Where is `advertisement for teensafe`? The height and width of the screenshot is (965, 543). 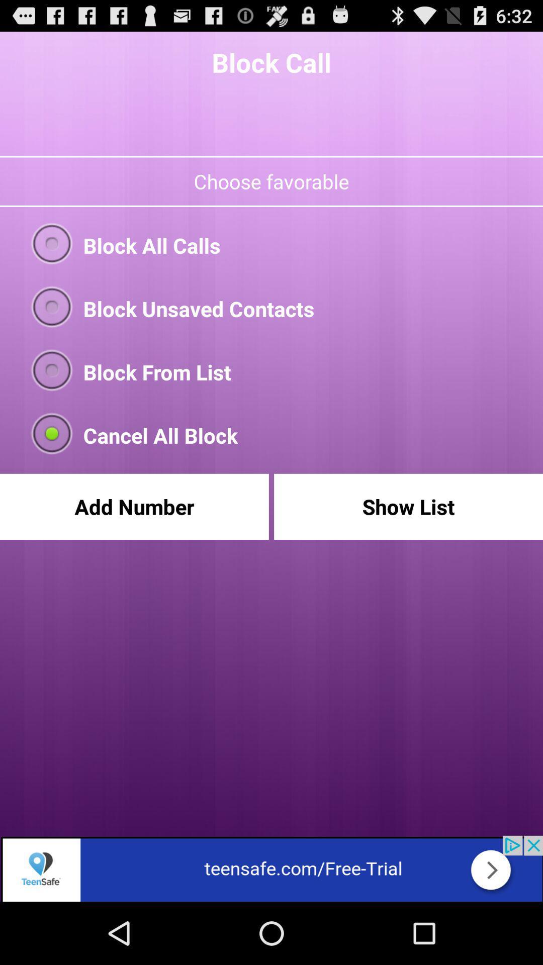 advertisement for teensafe is located at coordinates (271, 868).